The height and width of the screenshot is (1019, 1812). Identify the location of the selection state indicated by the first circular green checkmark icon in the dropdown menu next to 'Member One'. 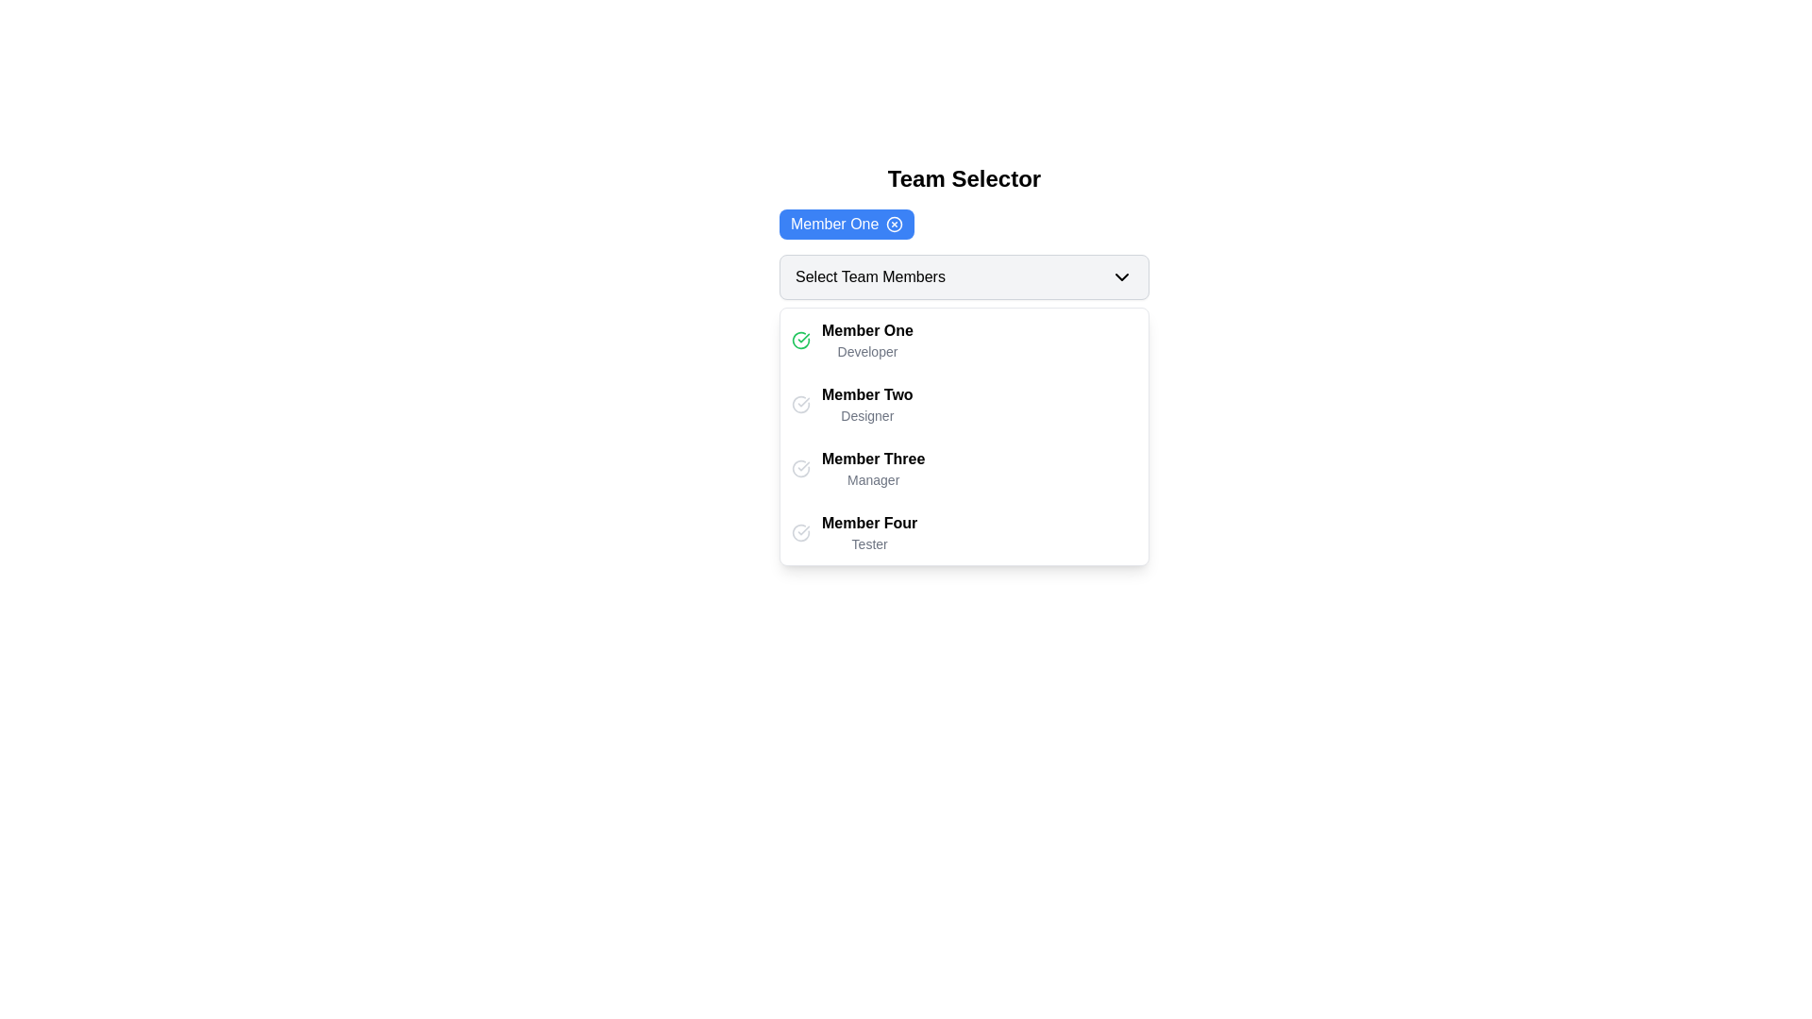
(801, 341).